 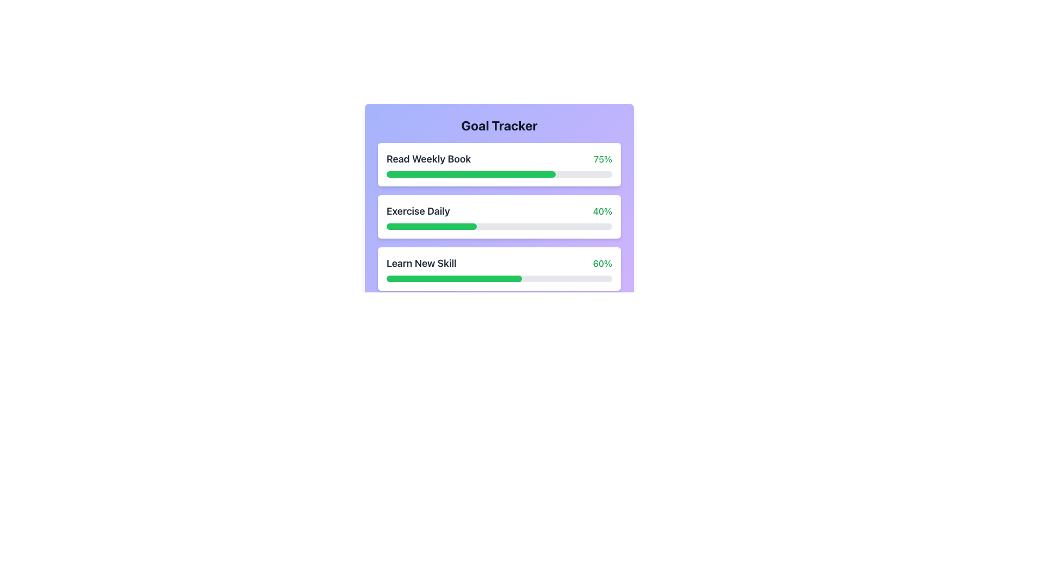 I want to click on the Information Display Row titled 'Learn New Skill' that shows '60%' on the right, located in the third row of the 'Goal Tracker' list, so click(x=499, y=264).